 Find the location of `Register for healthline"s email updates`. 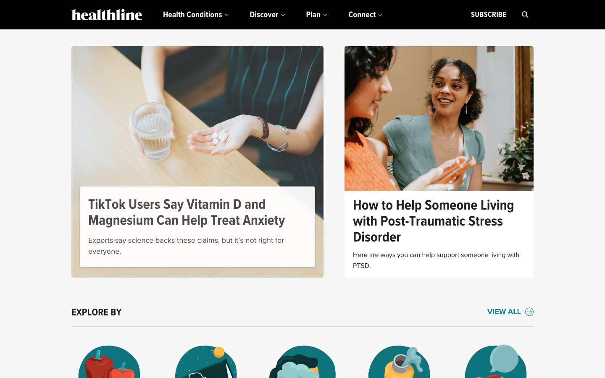

Register for healthline"s email updates is located at coordinates (488, 14).